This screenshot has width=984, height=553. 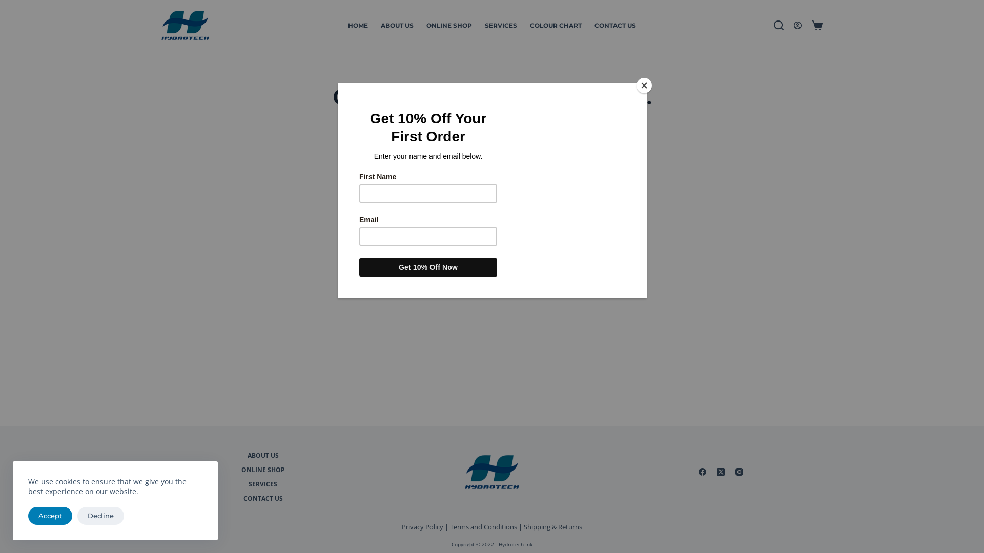 I want to click on 'CONTACT US', so click(x=615, y=25).